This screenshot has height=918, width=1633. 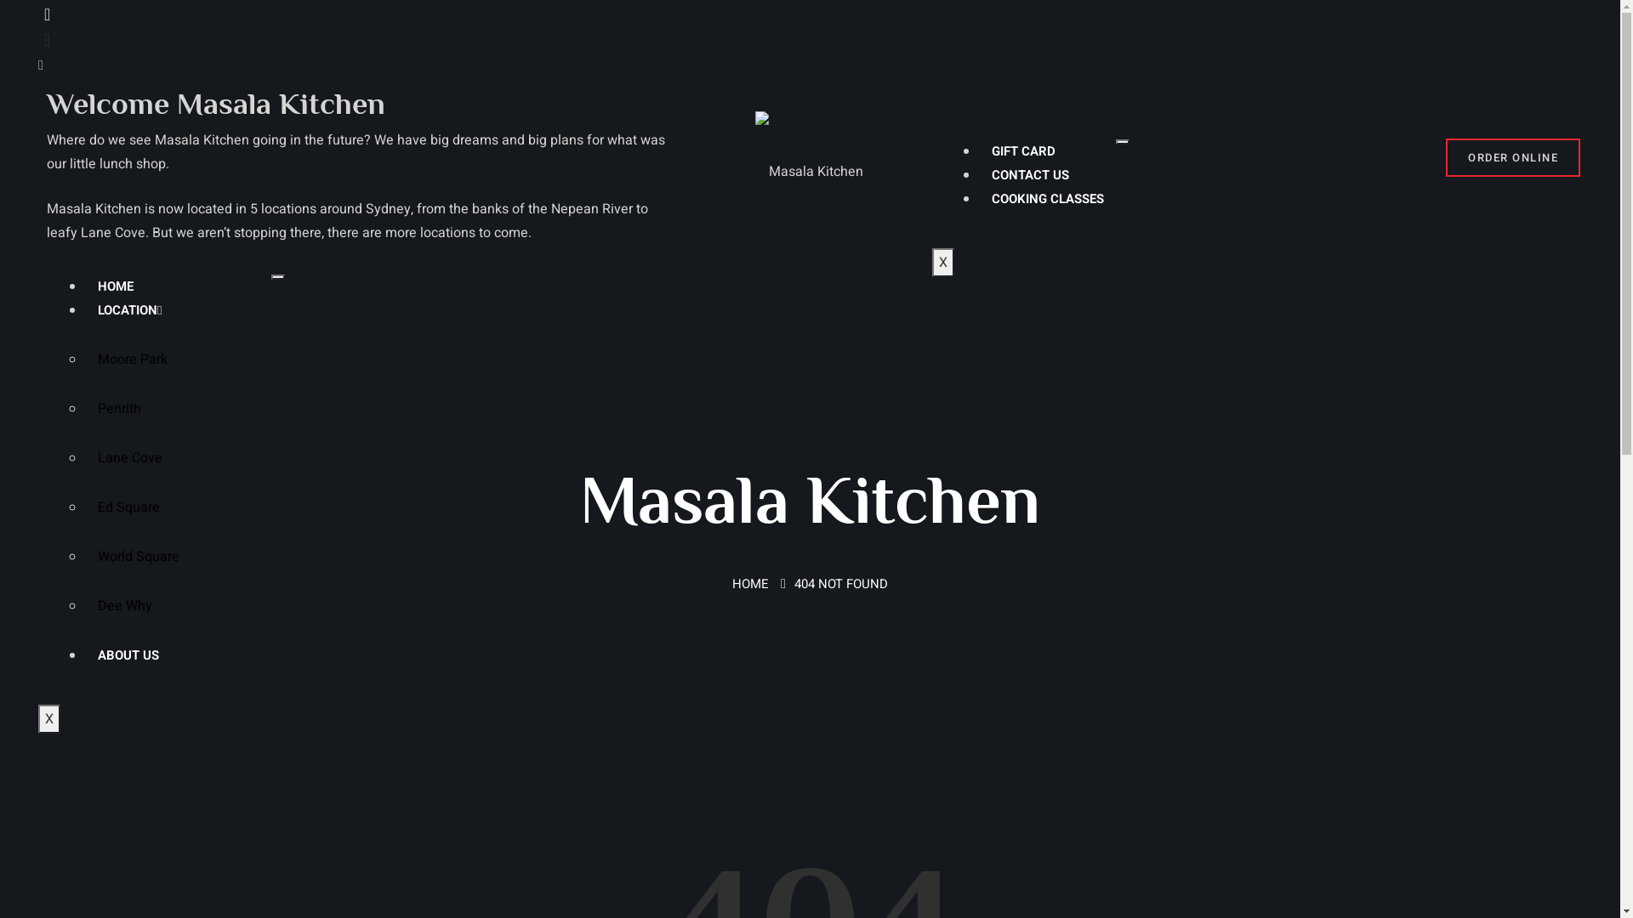 I want to click on 'Lane Cove', so click(x=84, y=457).